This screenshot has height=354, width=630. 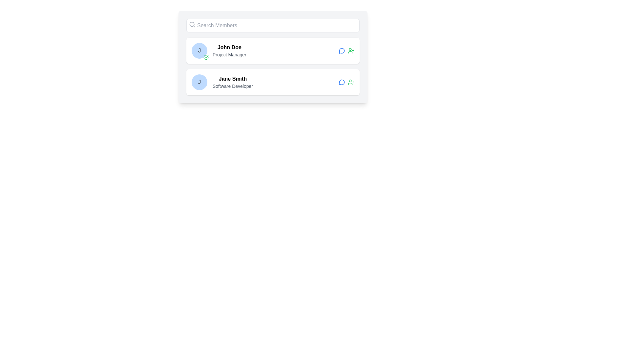 I want to click on the interaction icons on the right side of the profile card for 'Jane Smith', which is the second card in a vertically stacked list, so click(x=273, y=82).